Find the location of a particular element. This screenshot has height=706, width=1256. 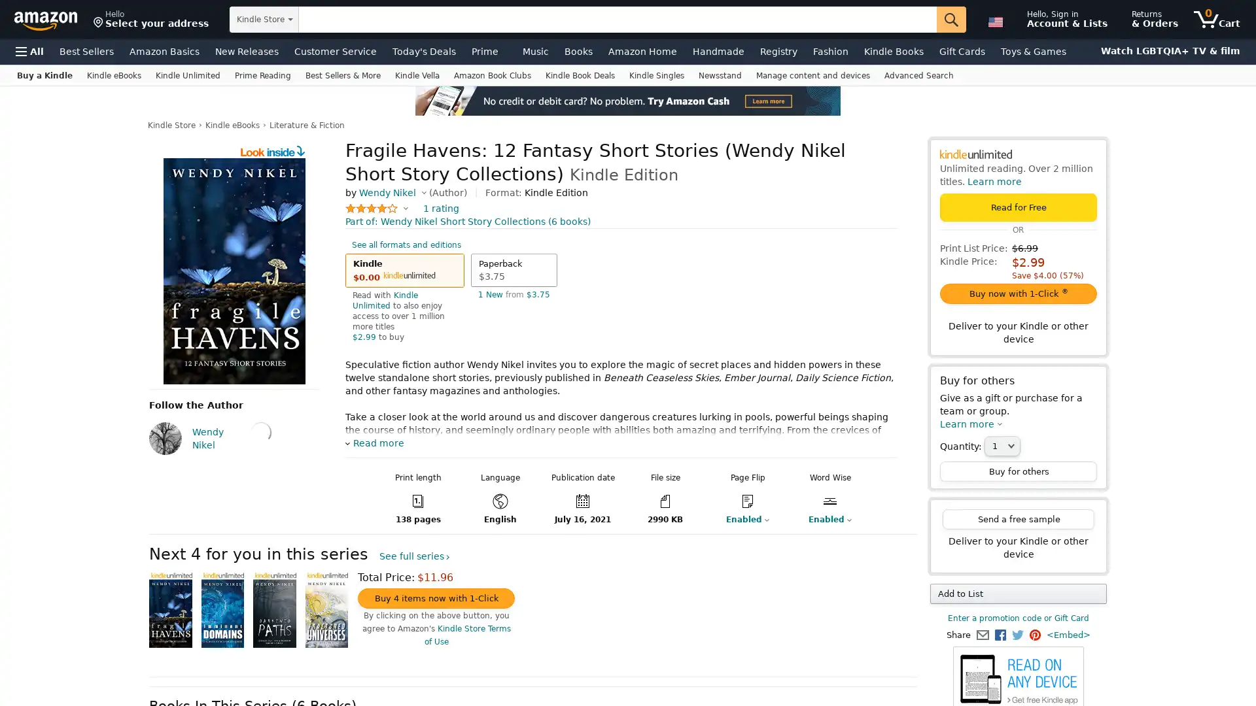

Enabled is located at coordinates (739, 518).